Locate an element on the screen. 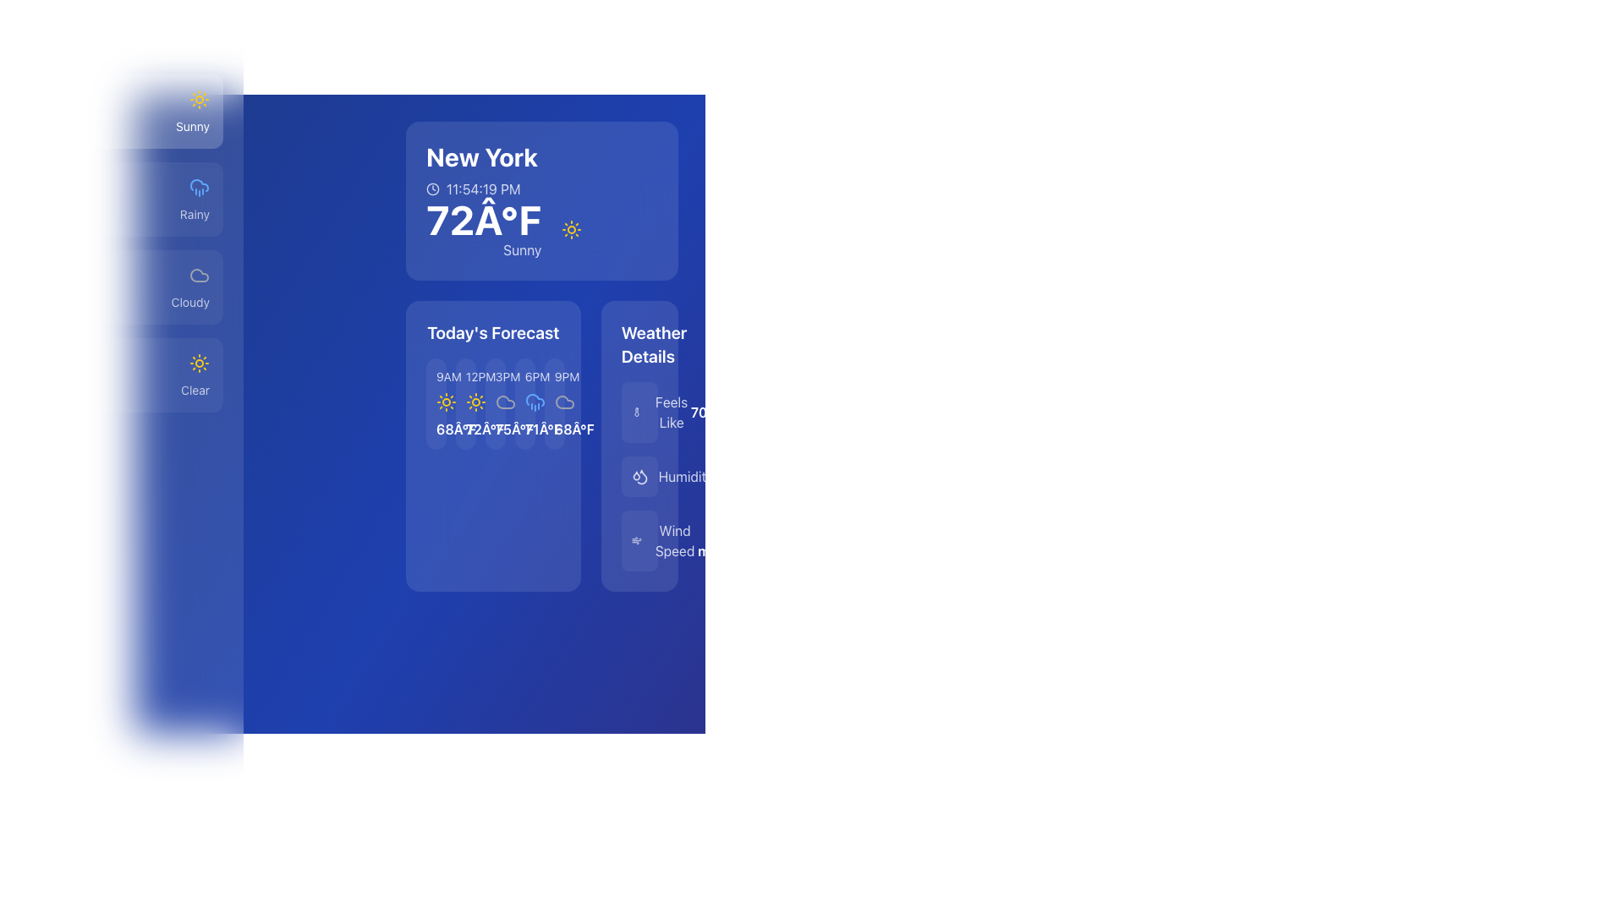 This screenshot has width=1624, height=913. the Weather Information Card displaying current weather information for New York, positioned in the top-left section of the interface is located at coordinates (542, 200).